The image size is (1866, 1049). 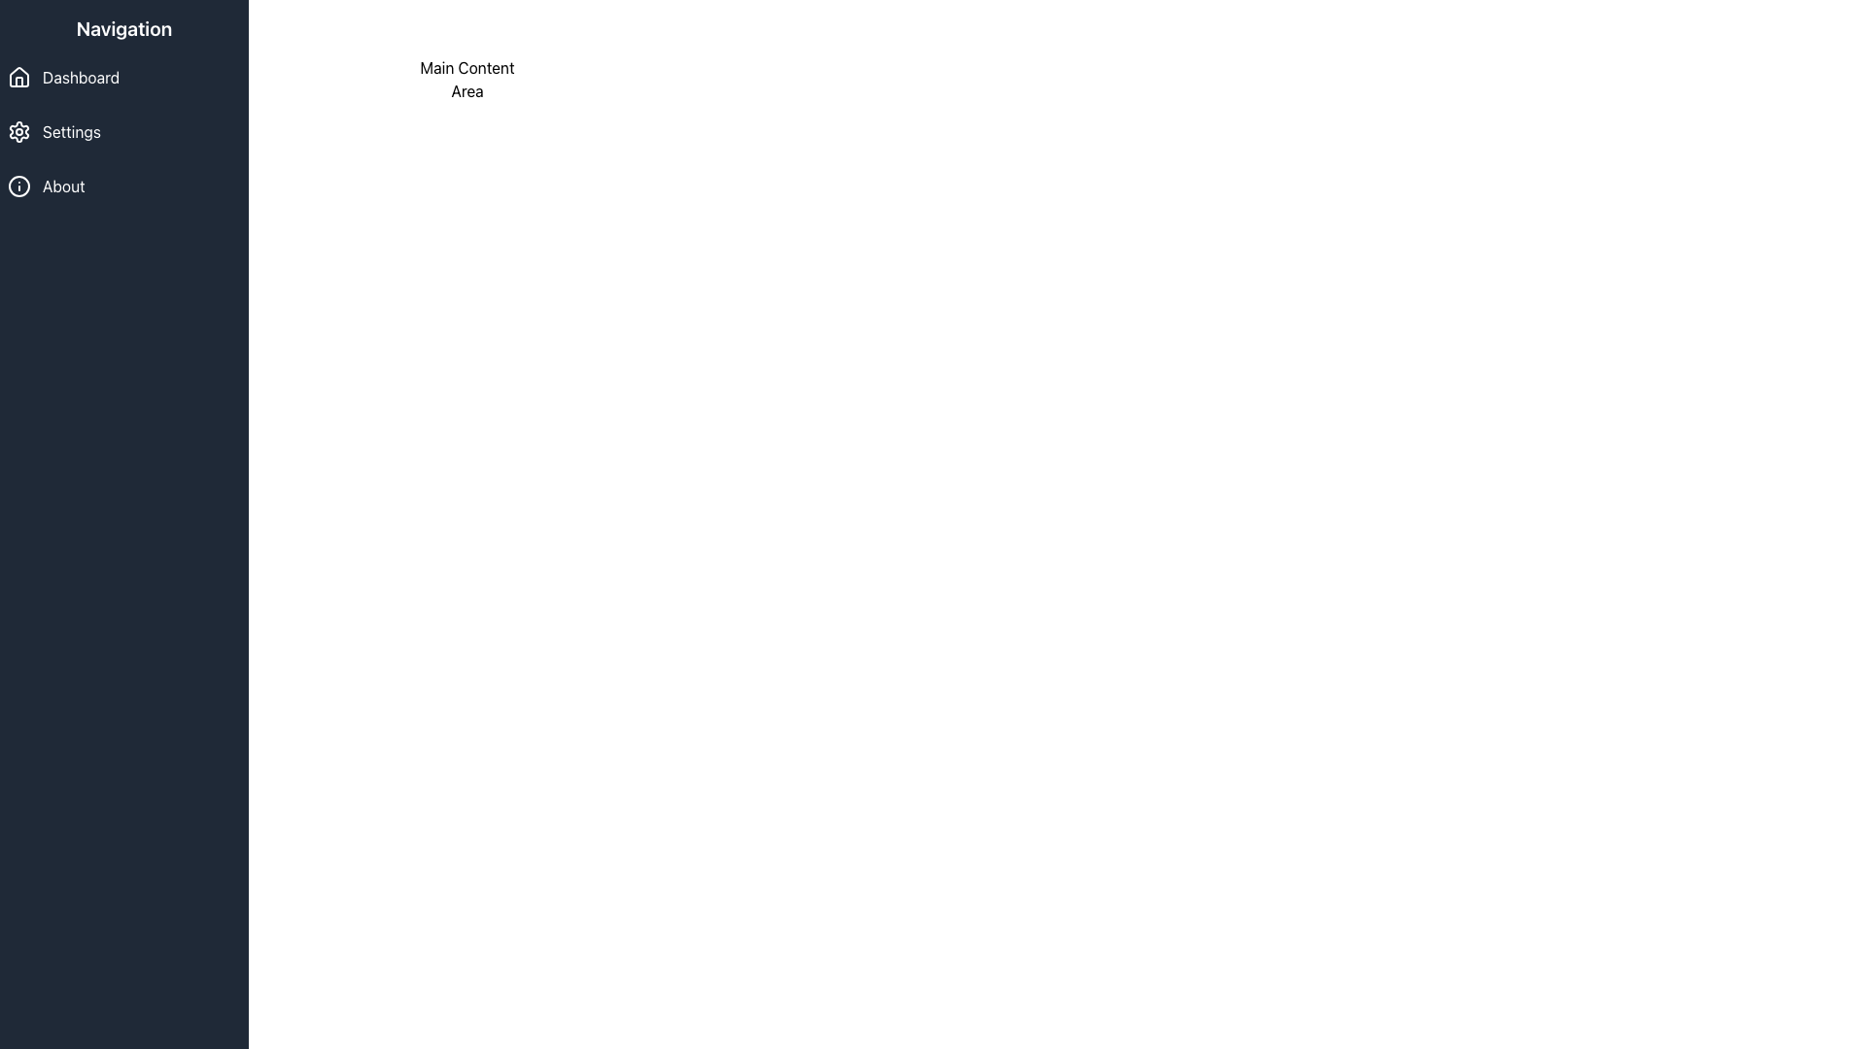 What do you see at coordinates (18, 131) in the screenshot?
I see `the 'Settings' icon located to the left of the text 'Settings' in the left-side vertical navigation bar to interact with the related functionality` at bounding box center [18, 131].